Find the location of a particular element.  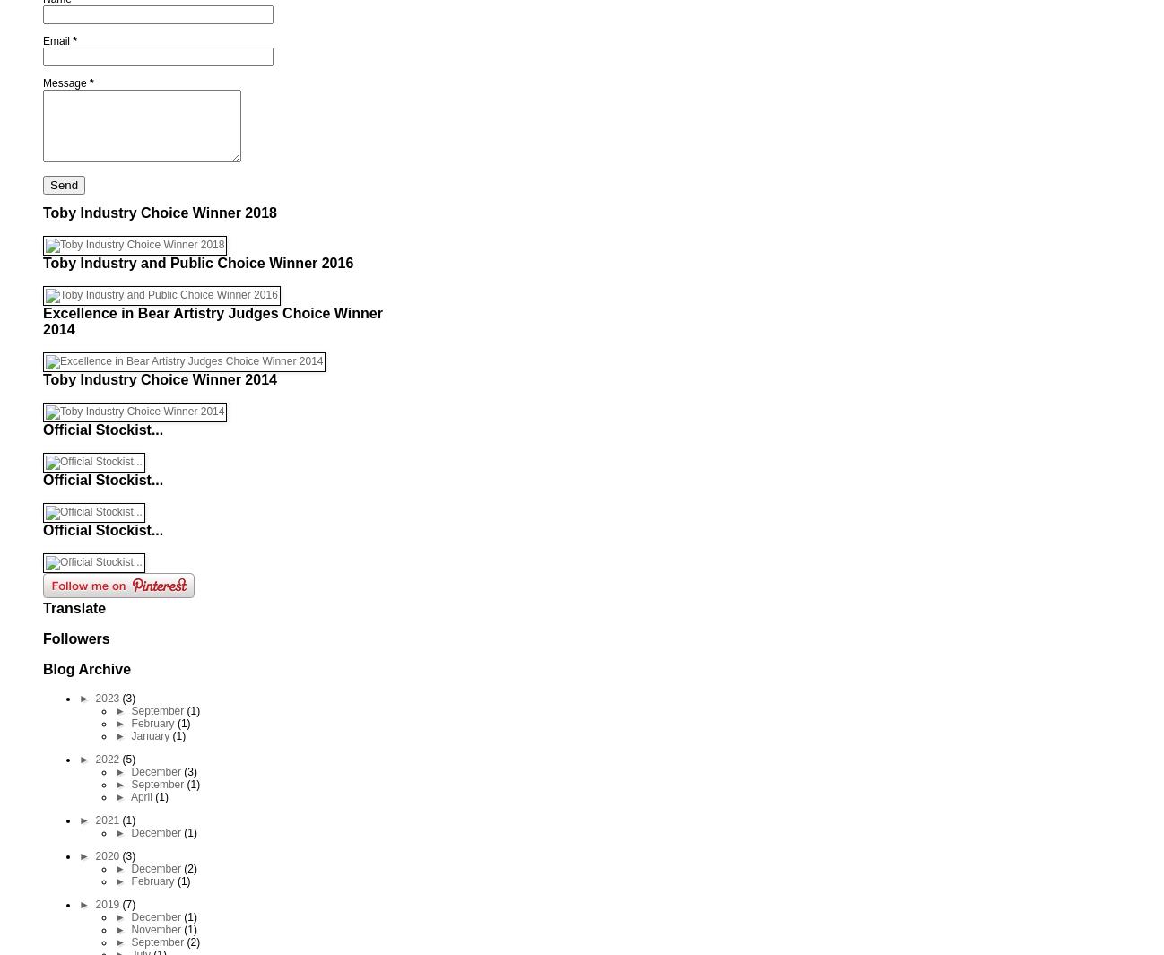

'2019' is located at coordinates (108, 904).